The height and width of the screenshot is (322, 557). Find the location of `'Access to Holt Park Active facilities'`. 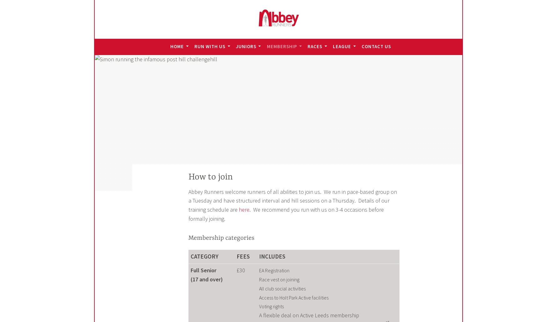

'Access to Holt Park Active facilities' is located at coordinates (293, 297).